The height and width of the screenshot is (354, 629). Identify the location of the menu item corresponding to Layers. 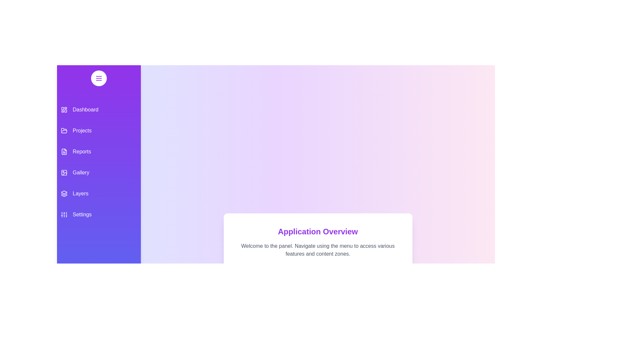
(99, 193).